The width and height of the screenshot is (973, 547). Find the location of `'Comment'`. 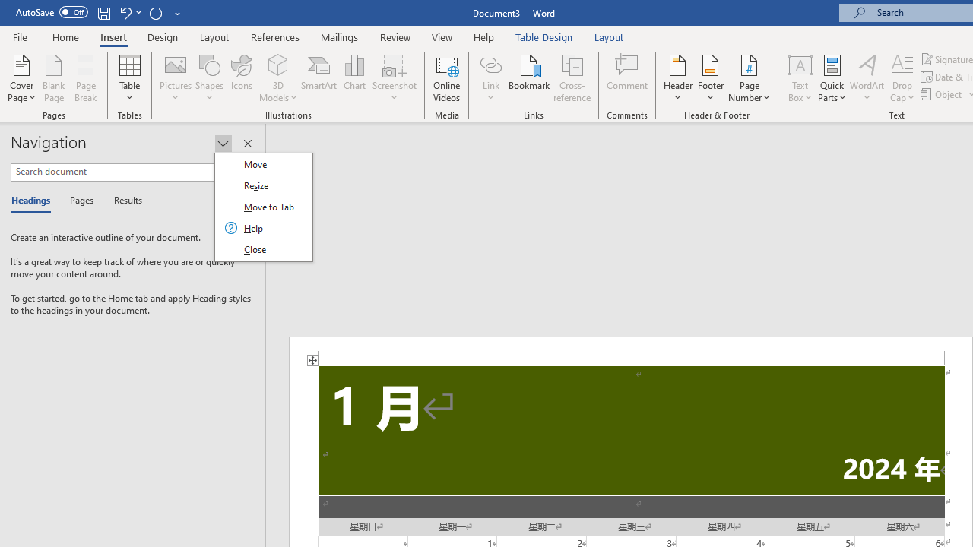

'Comment' is located at coordinates (627, 78).